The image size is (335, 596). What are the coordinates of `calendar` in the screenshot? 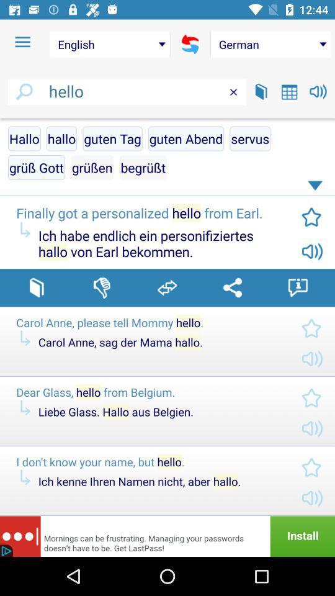 It's located at (289, 91).